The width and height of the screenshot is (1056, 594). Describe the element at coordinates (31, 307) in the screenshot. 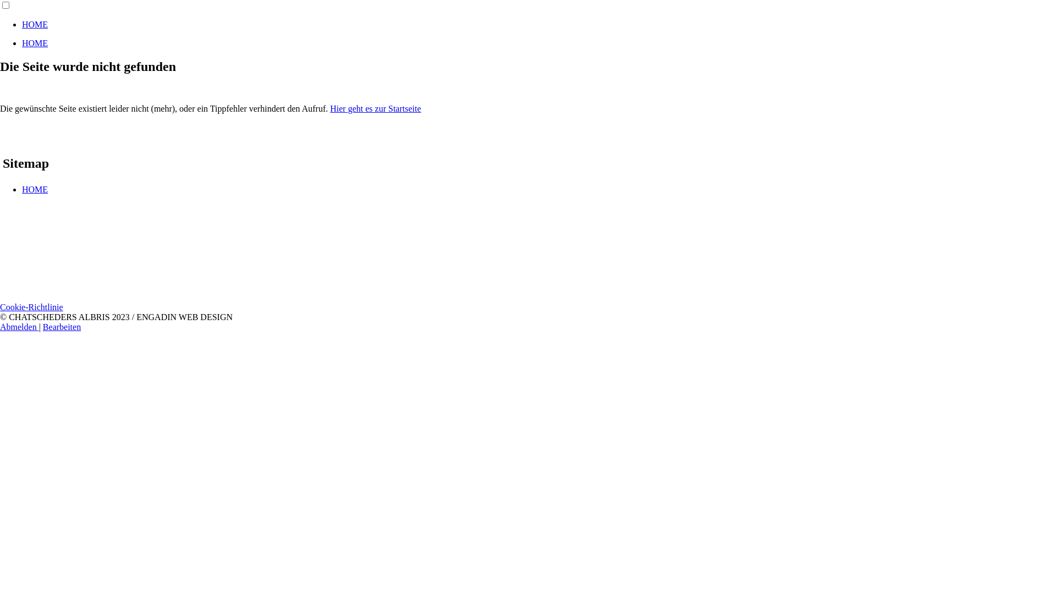

I see `'Cookie-Richtlinie'` at that location.